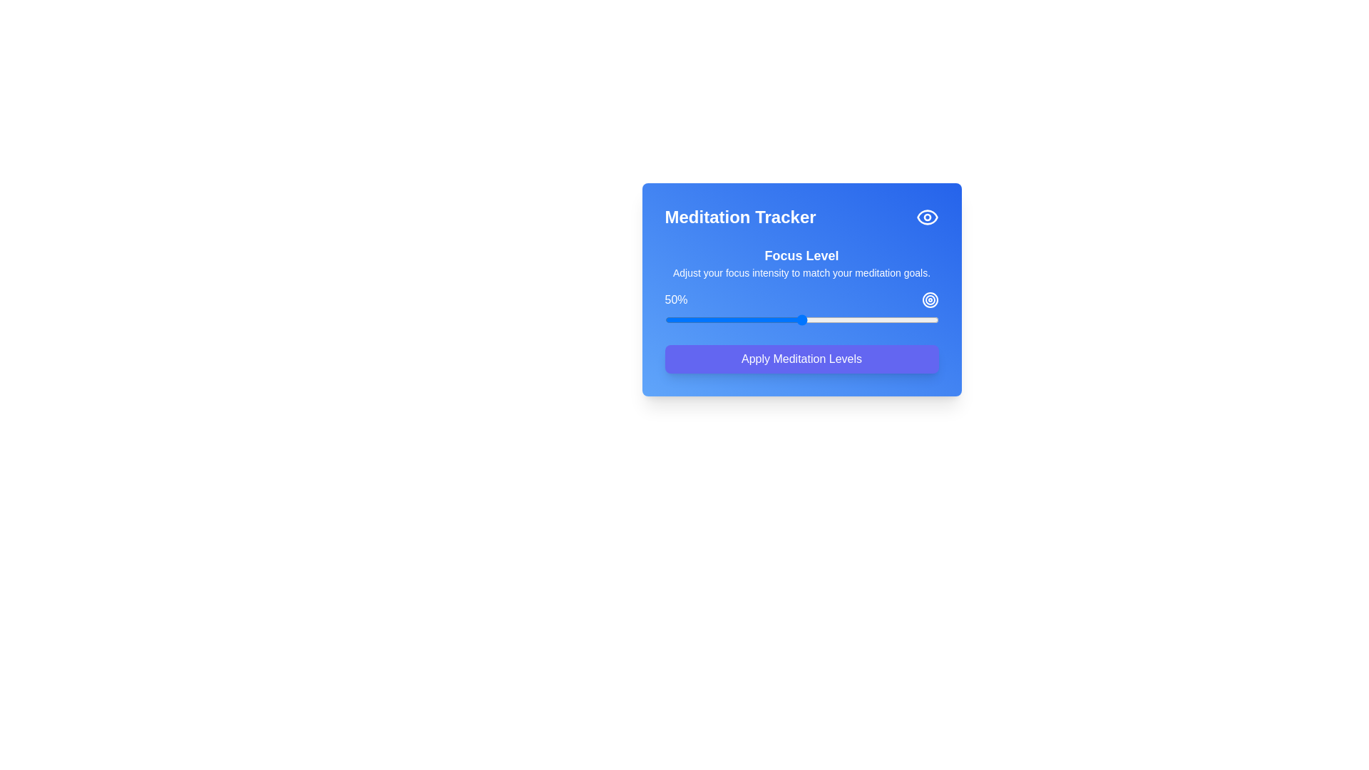  I want to click on the focus level, so click(851, 319).